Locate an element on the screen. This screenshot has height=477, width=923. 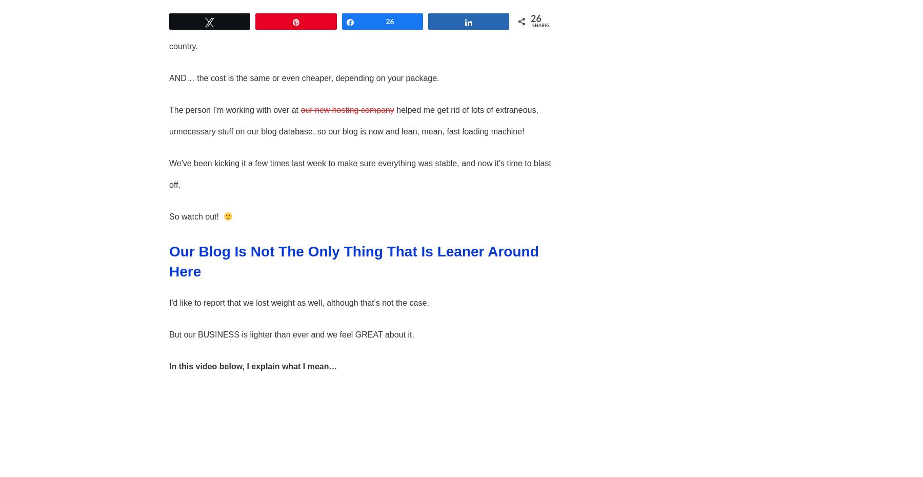
'Lo and behold… one person I can talk to about issues, not a host of outsourcers over in some other country.' is located at coordinates (349, 35).